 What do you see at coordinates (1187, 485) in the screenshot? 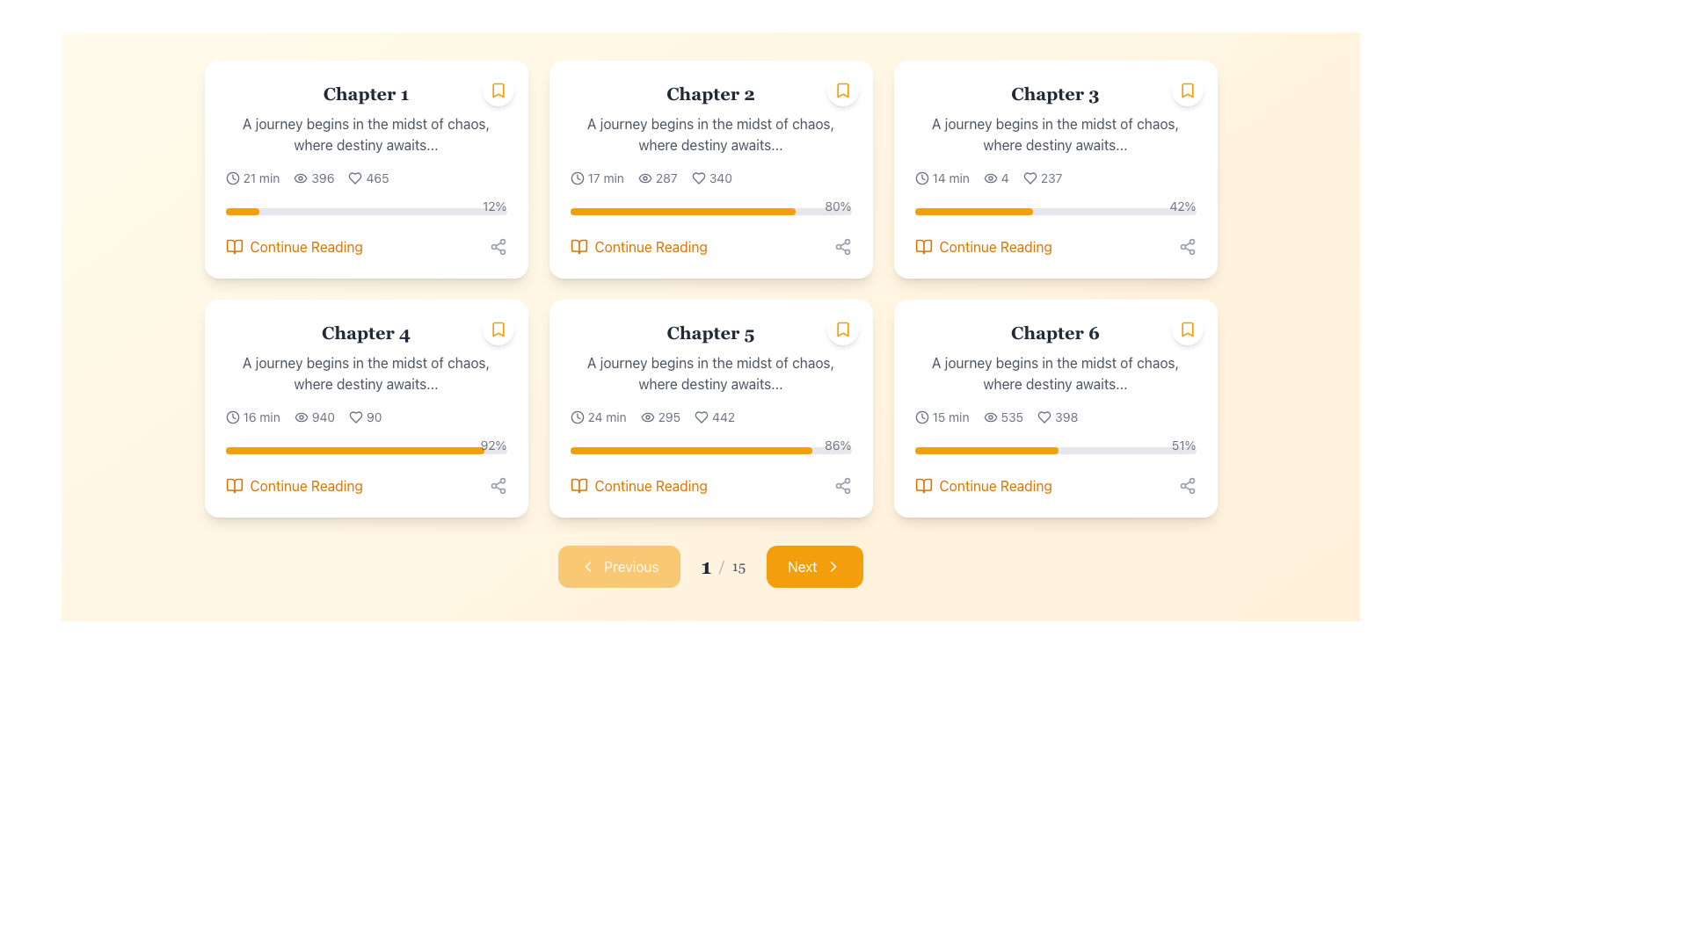
I see `the small share icon button located at the bottom-right corner of the 'Chapter 6' card` at bounding box center [1187, 485].